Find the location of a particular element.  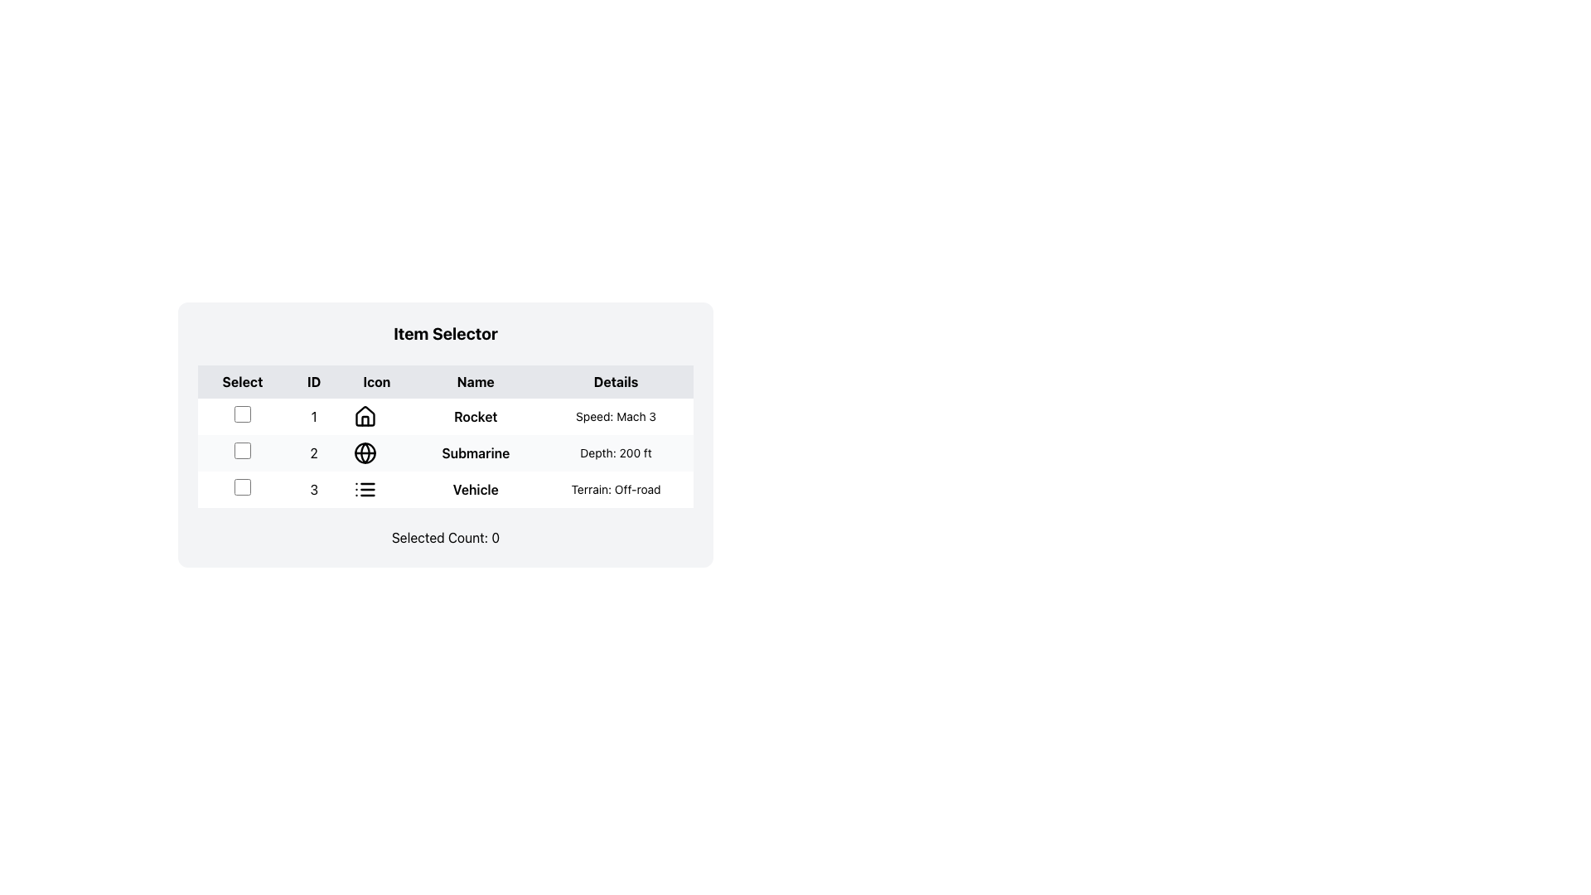

the 'Vehicle' icon located in the third row of the table under the 'Icon' column, which is directly to the left of the word 'Vehicle' is located at coordinates (365, 488).